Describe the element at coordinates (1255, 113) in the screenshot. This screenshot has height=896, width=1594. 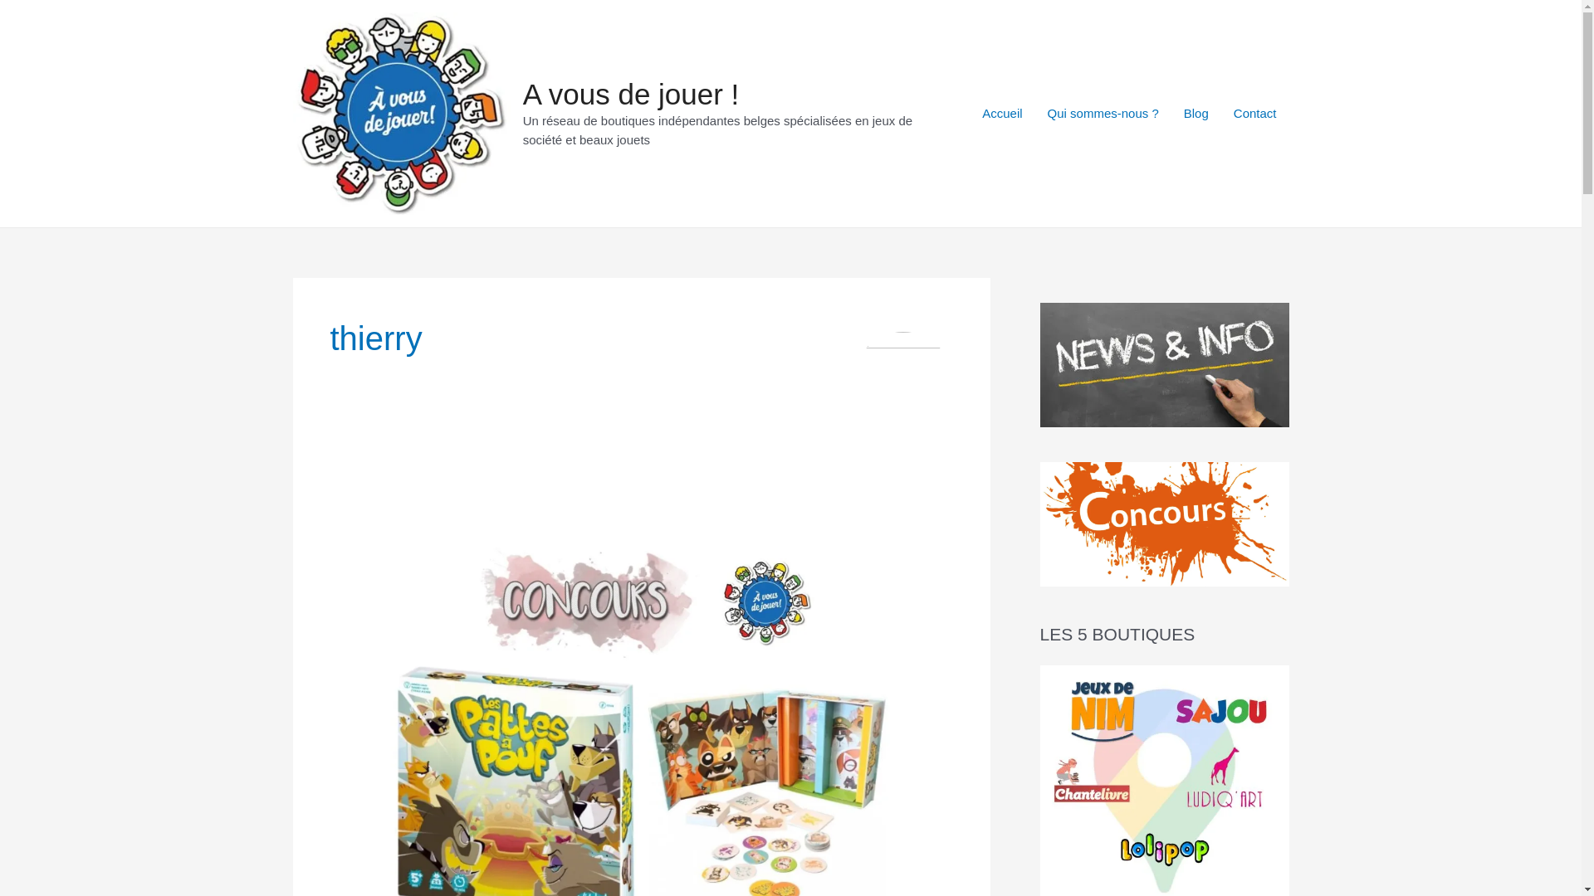
I see `'Contact'` at that location.